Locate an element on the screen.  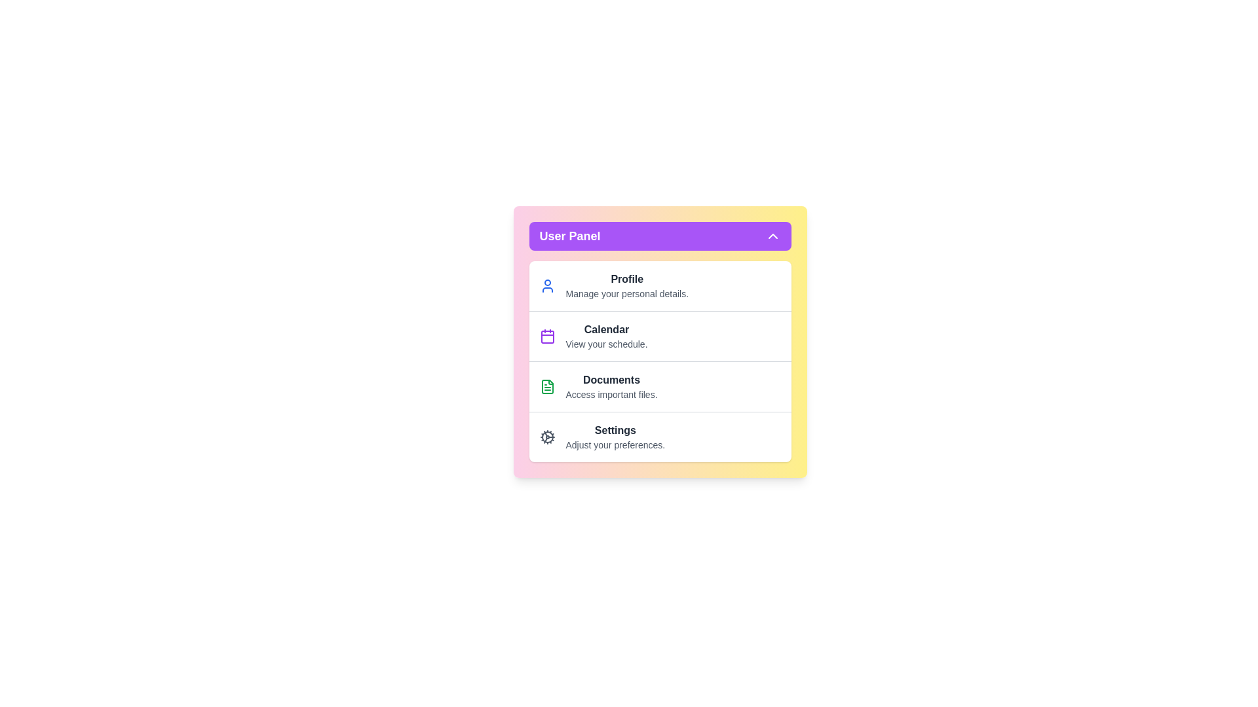
the fourth menu item in the User Panel is located at coordinates (660, 437).